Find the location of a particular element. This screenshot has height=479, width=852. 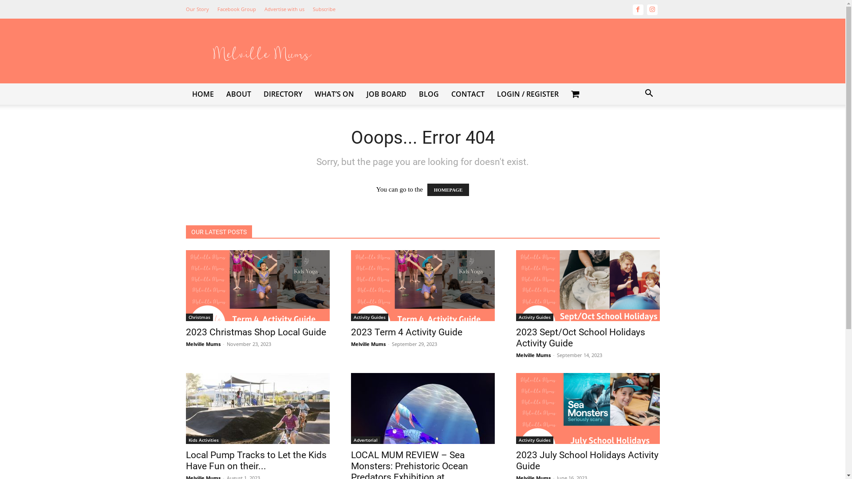

'2023 Term 4 Activity Guide' is located at coordinates (350, 332).